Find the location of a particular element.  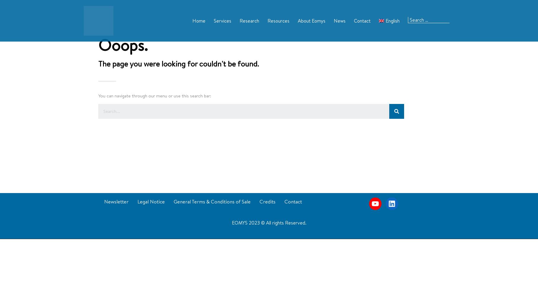

'Home' is located at coordinates (198, 20).